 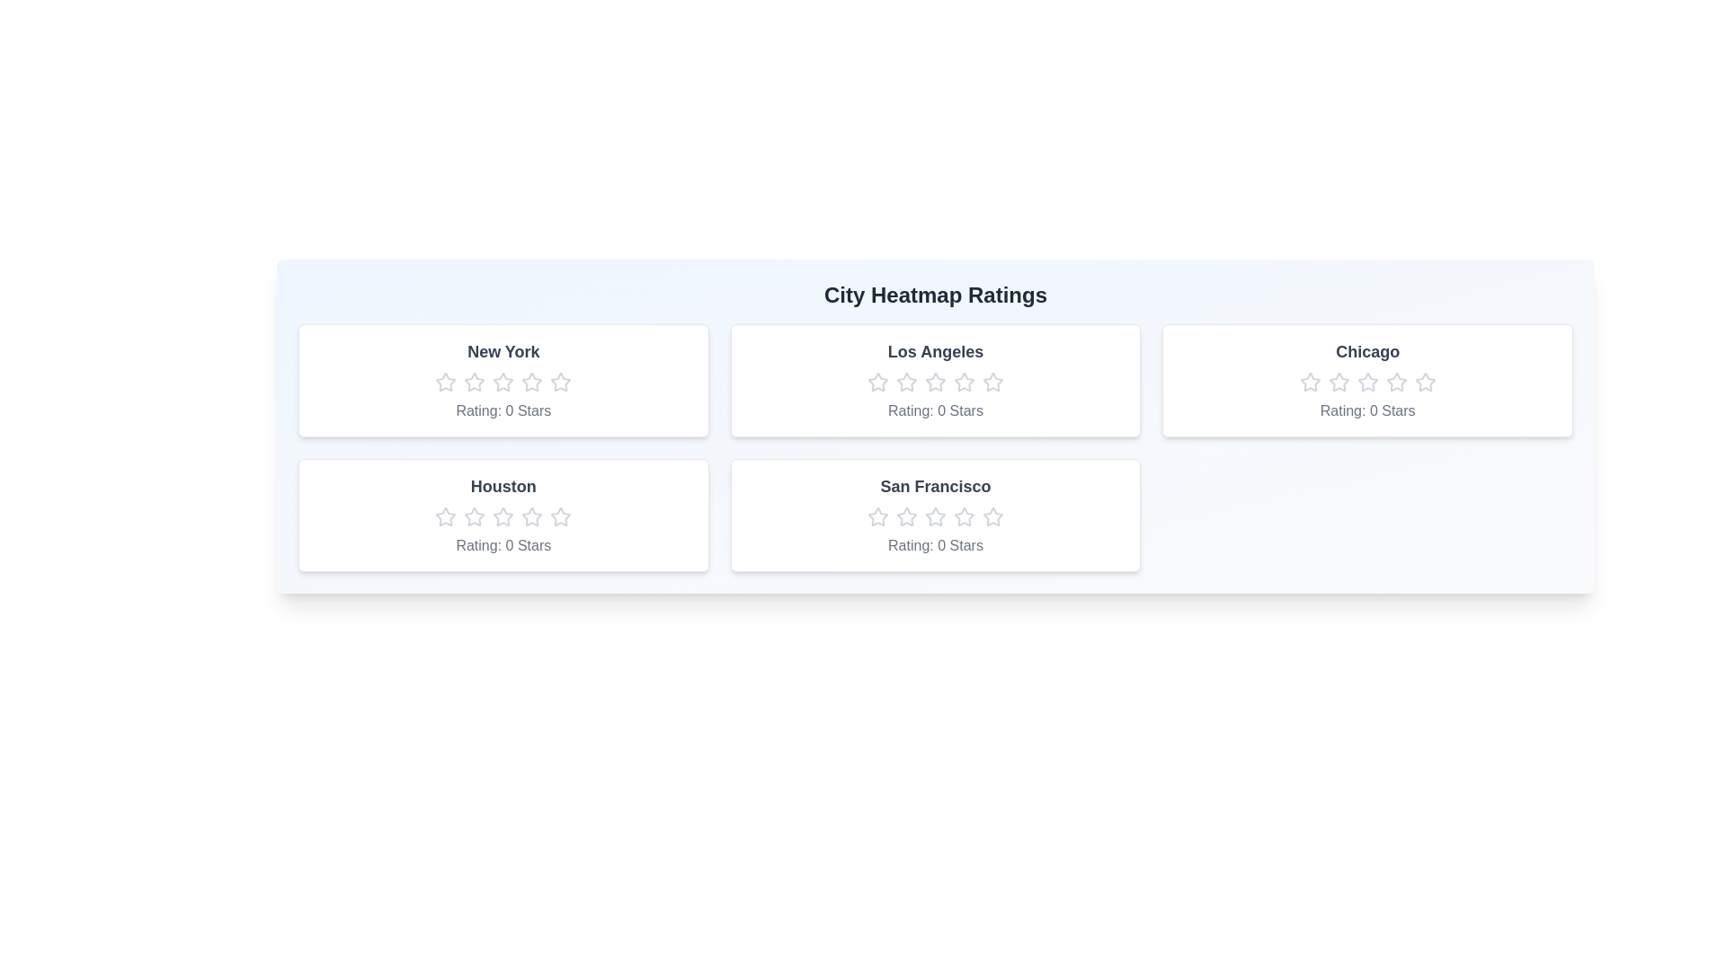 What do you see at coordinates (877, 381) in the screenshot?
I see `the Los Angeles rating star number 1` at bounding box center [877, 381].